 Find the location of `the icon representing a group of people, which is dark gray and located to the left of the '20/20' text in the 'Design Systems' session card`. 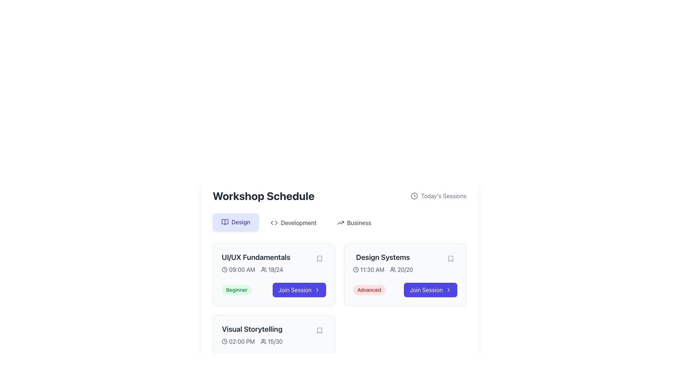

the icon representing a group of people, which is dark gray and located to the left of the '20/20' text in the 'Design Systems' session card is located at coordinates (393, 270).